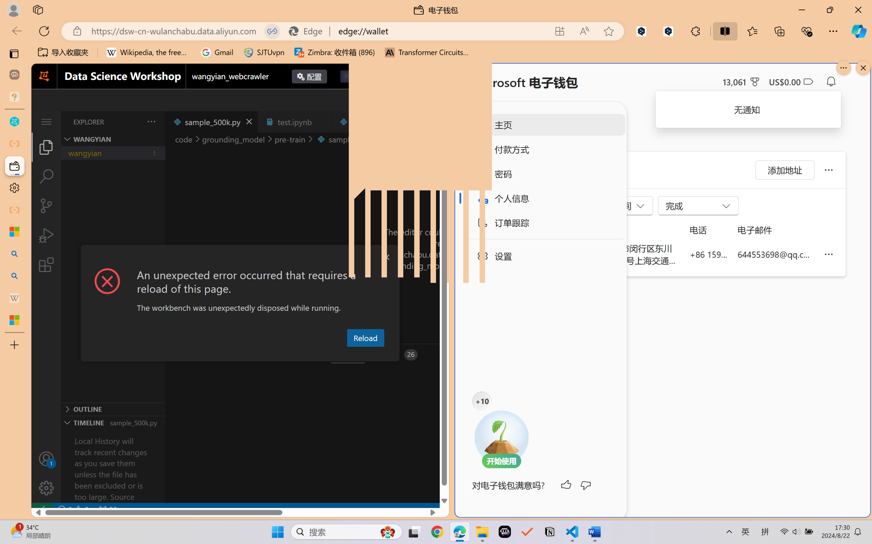  What do you see at coordinates (14, 121) in the screenshot?
I see `'wangyian_dsw - DSW'` at bounding box center [14, 121].